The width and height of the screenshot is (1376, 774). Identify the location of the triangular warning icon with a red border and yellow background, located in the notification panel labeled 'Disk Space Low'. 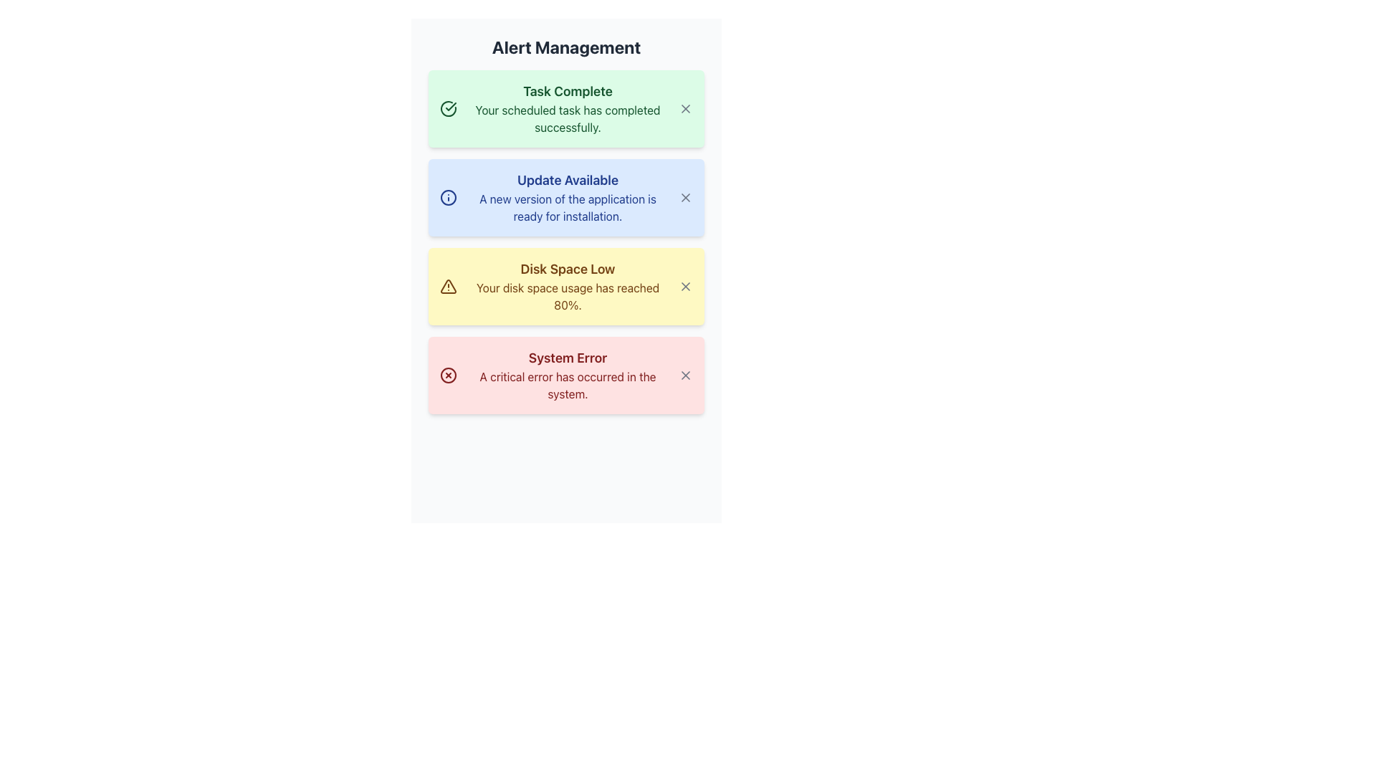
(447, 287).